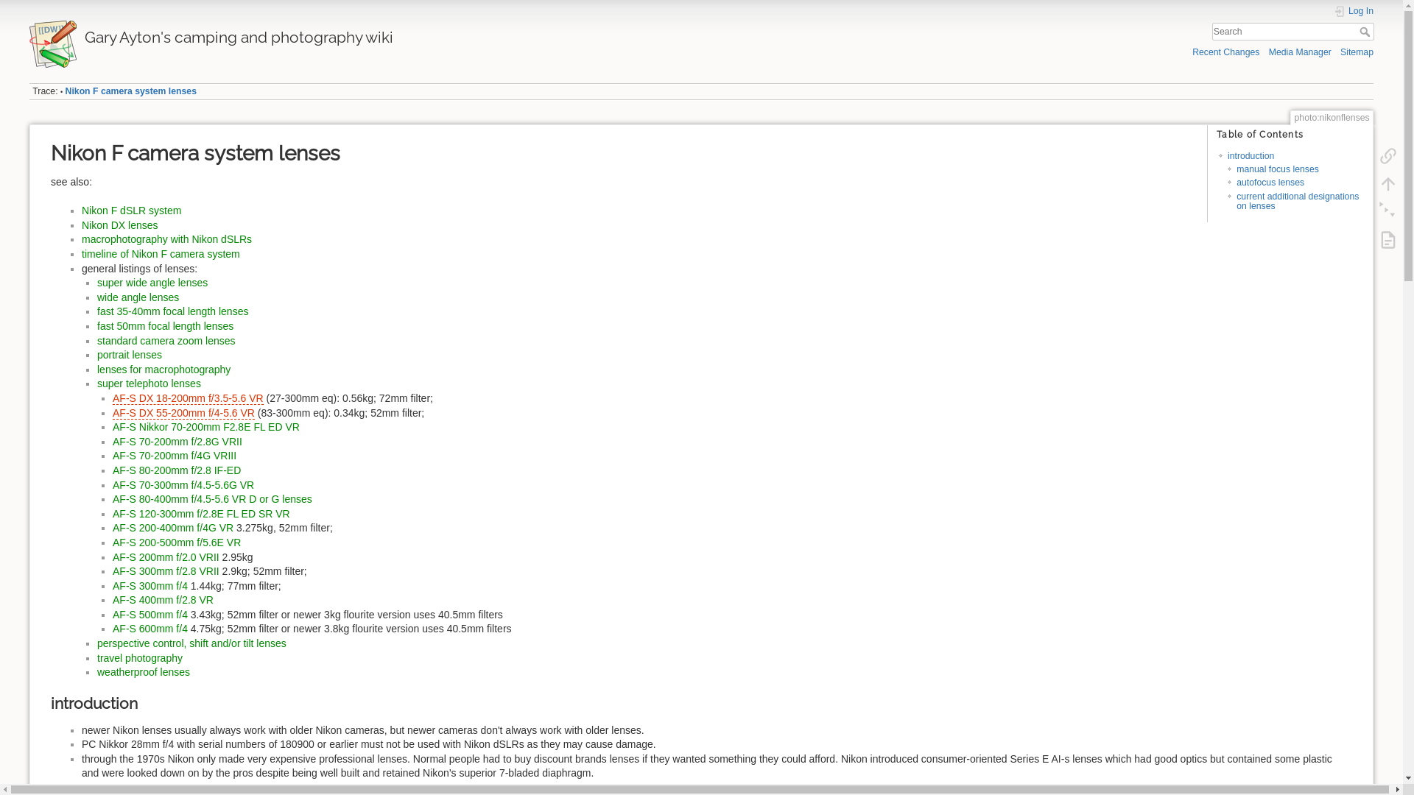 This screenshot has height=795, width=1414. What do you see at coordinates (166, 238) in the screenshot?
I see `'macrophotography with Nikon dSLRs'` at bounding box center [166, 238].